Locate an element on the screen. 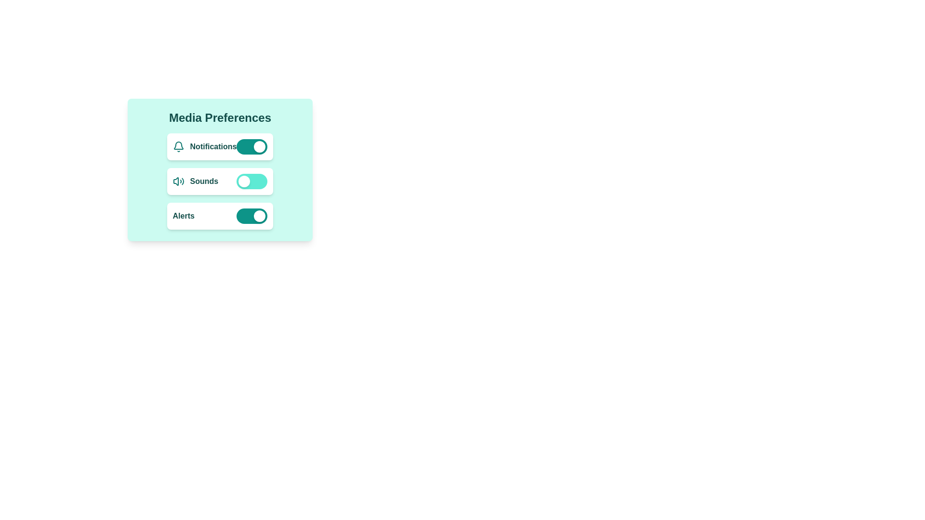 The image size is (925, 520). the 'Alerts' text label which is part of the toggle control for notifications, located in the 'Media Preferences' section, to the left of the toggle switch is located at coordinates (184, 215).